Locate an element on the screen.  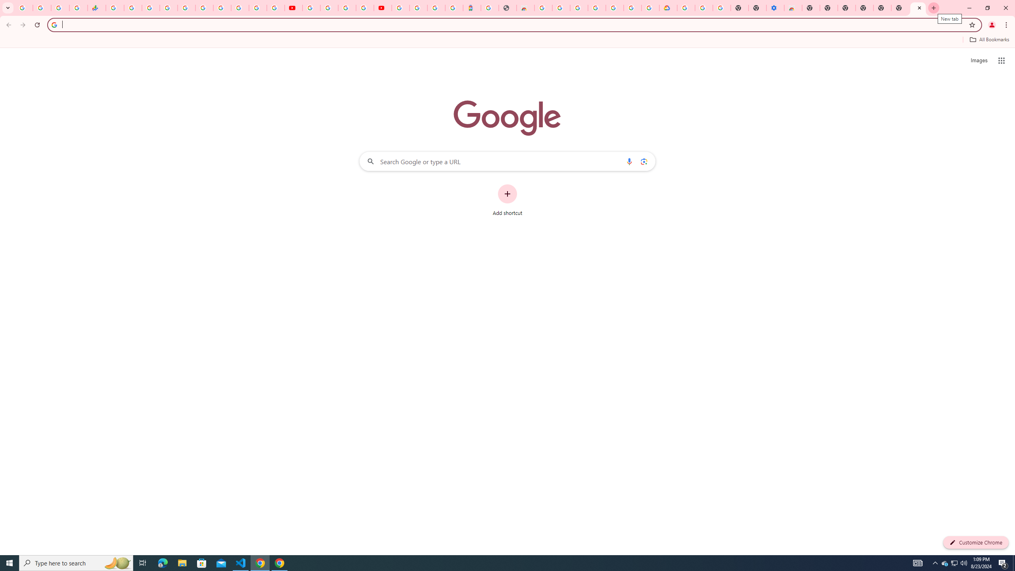
'Ad Settings' is located at coordinates (561, 8).